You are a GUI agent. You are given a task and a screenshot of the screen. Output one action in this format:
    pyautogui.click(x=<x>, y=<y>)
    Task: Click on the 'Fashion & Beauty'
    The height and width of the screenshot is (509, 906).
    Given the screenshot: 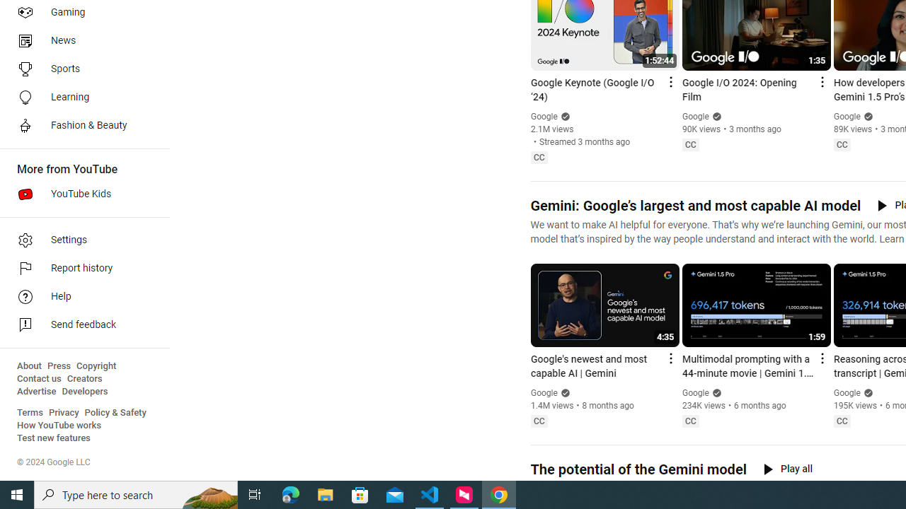 What is the action you would take?
    pyautogui.click(x=79, y=124)
    